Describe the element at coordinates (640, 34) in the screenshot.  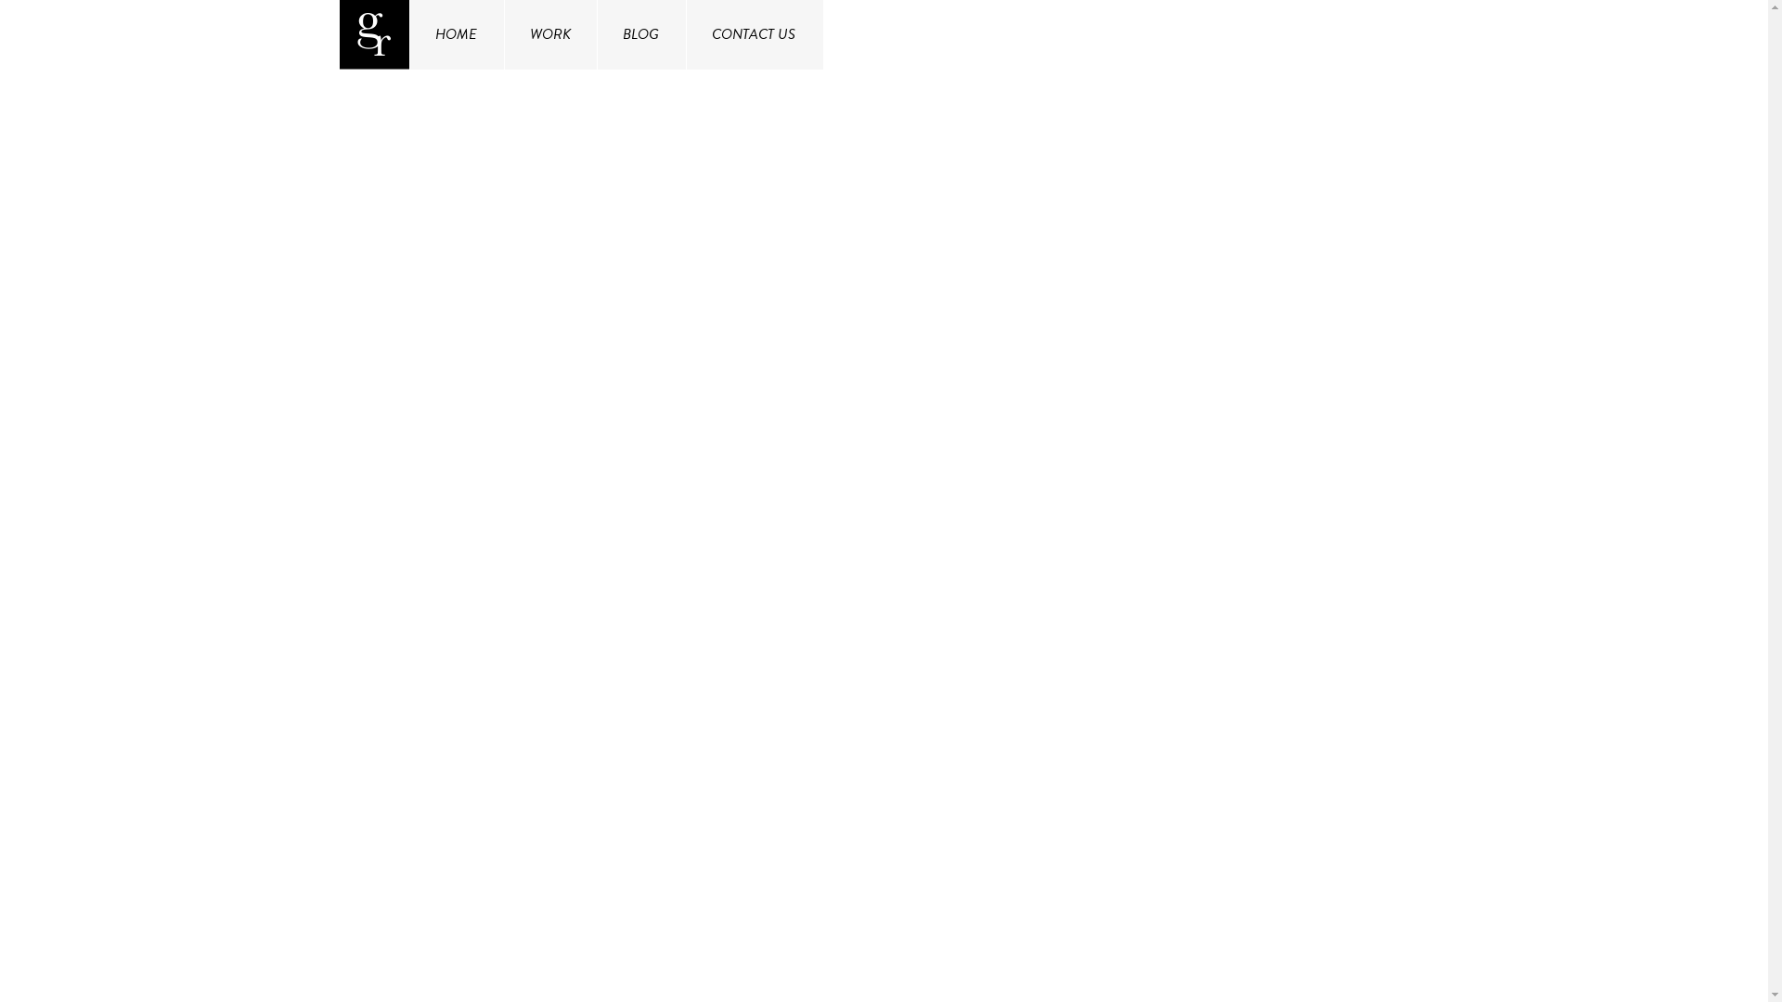
I see `'BLOG'` at that location.